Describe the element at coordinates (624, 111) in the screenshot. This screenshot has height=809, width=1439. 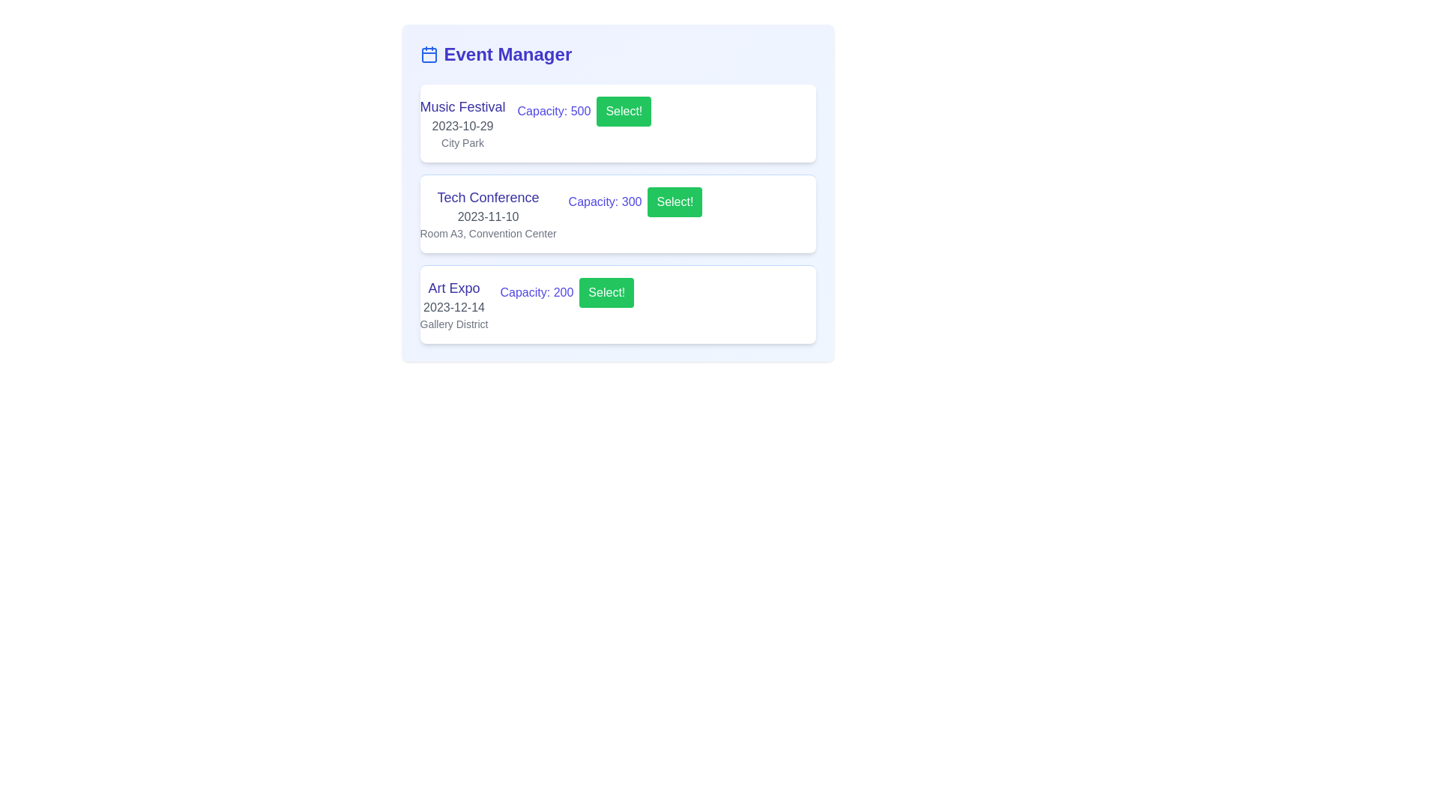
I see `the green button labeled 'Select!' positioned to the right of the 'Capacity: 500' text` at that location.